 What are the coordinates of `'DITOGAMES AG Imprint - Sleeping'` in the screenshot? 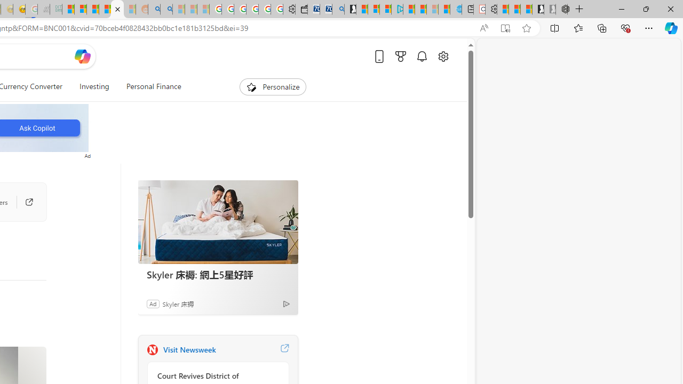 It's located at (55, 9).